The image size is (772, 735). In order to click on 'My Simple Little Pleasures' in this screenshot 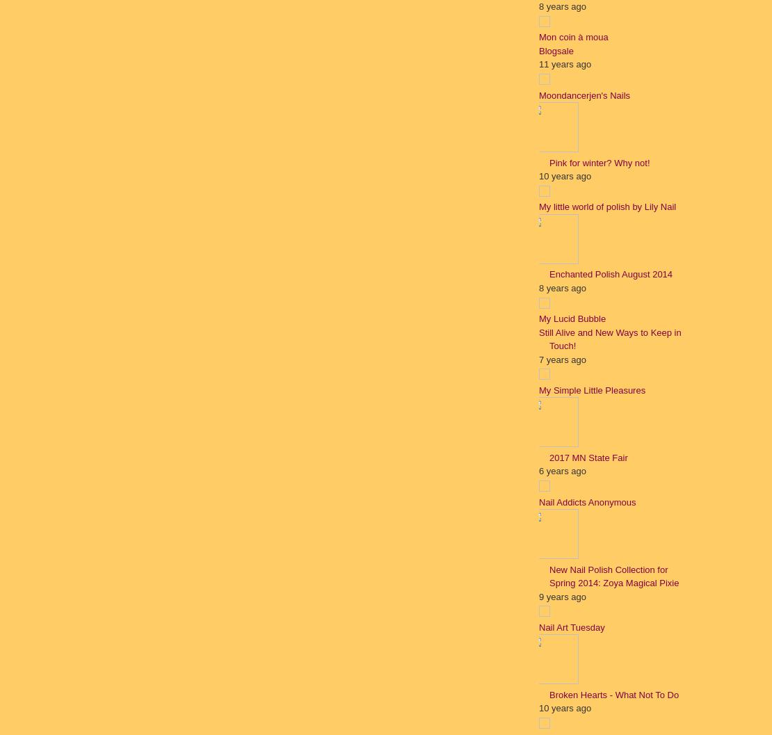, I will do `click(591, 389)`.